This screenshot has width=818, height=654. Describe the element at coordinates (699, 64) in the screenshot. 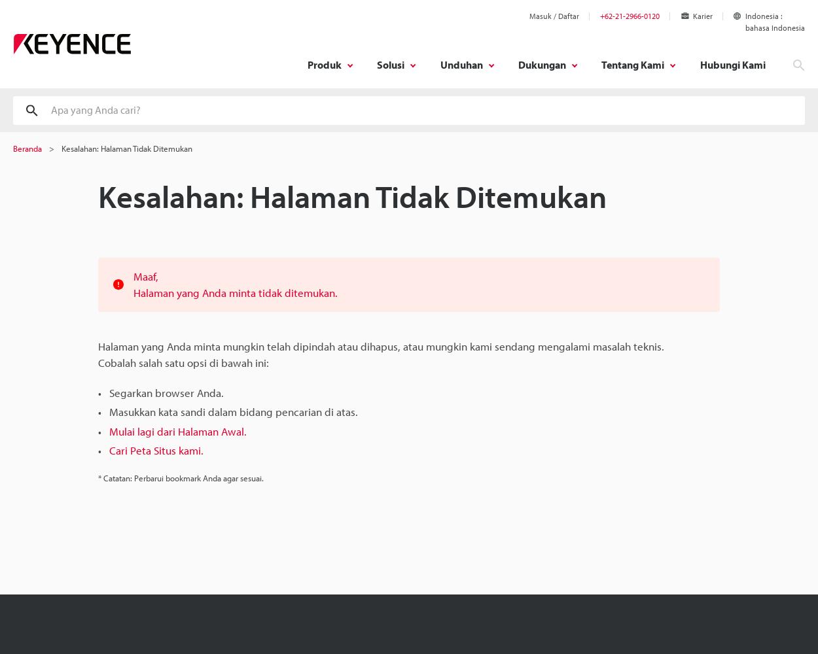

I see `'Hubungi Kami'` at that location.